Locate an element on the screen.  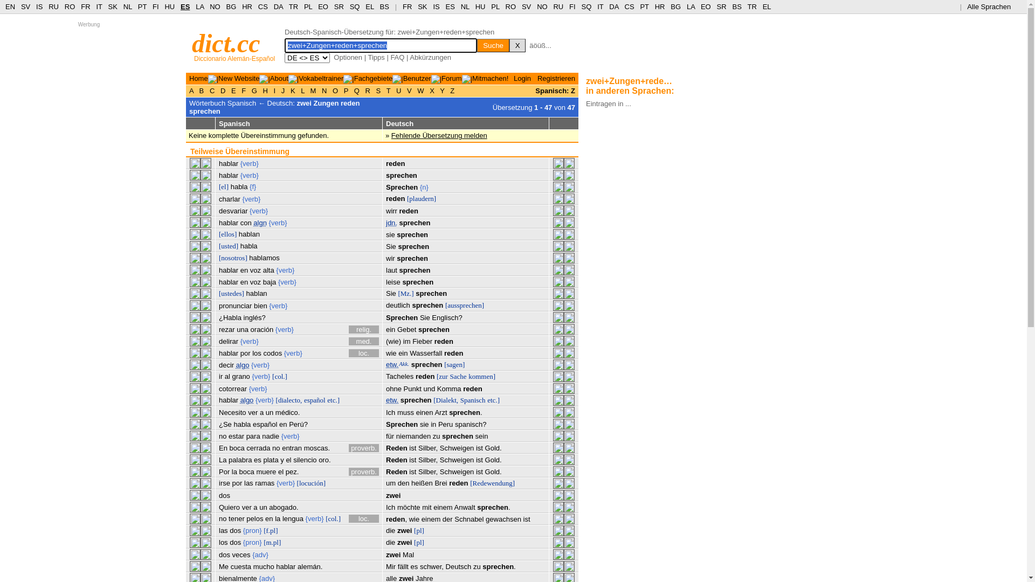
'PT' is located at coordinates (644, 6).